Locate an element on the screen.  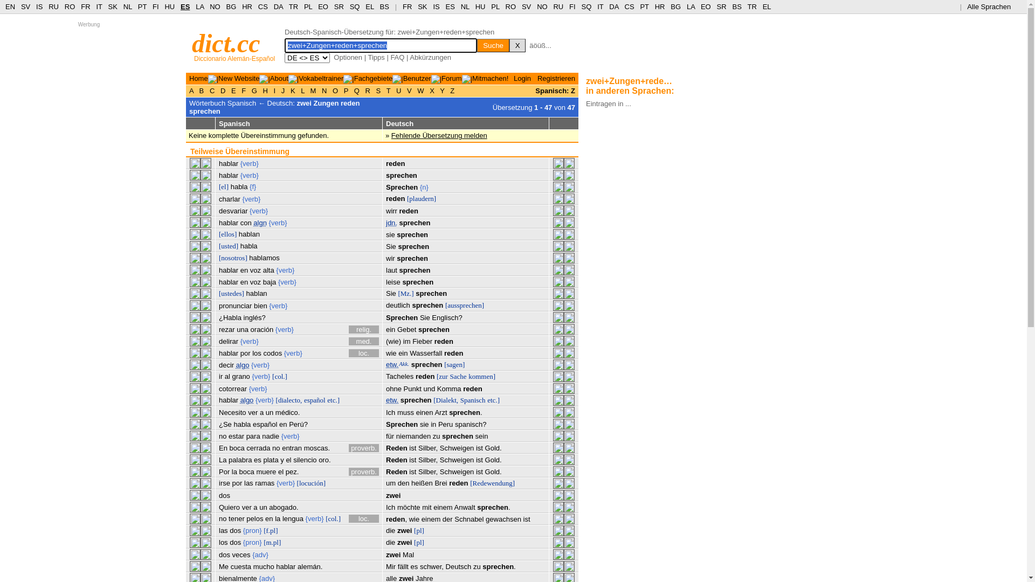
'PT' is located at coordinates (644, 6).